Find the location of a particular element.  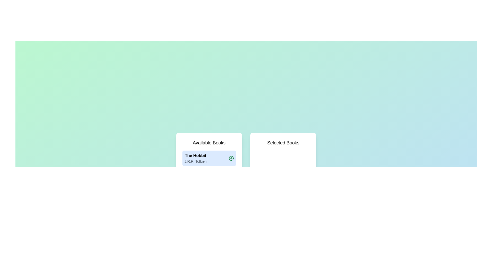

the book list item 'The Hobbit' to reveal more details is located at coordinates (195, 158).